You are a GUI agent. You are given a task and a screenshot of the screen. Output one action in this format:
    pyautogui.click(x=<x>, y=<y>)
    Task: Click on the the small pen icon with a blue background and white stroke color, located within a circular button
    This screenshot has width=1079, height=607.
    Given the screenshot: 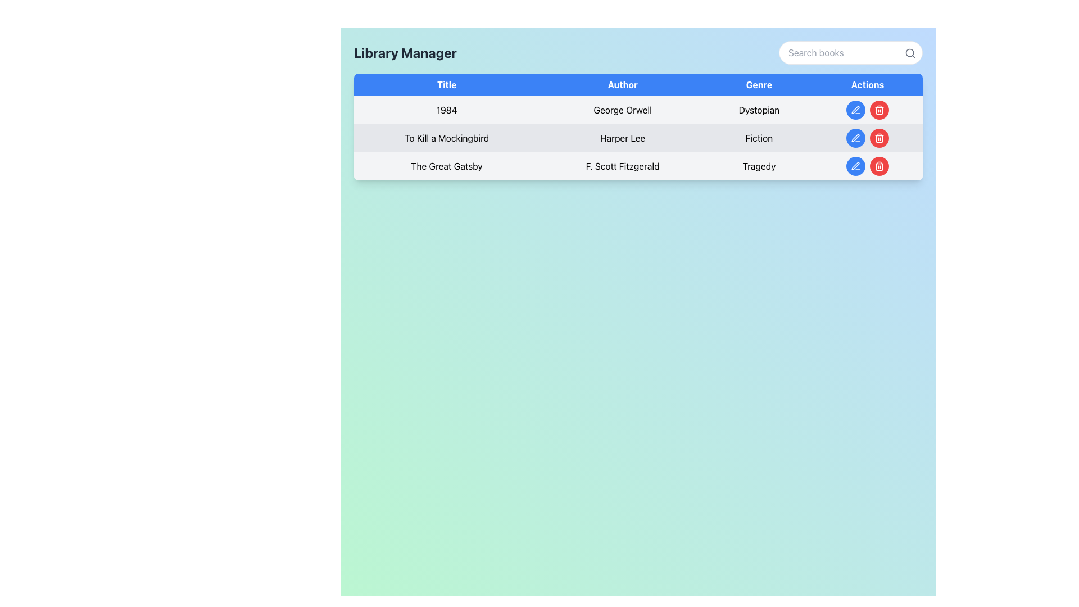 What is the action you would take?
    pyautogui.click(x=855, y=166)
    